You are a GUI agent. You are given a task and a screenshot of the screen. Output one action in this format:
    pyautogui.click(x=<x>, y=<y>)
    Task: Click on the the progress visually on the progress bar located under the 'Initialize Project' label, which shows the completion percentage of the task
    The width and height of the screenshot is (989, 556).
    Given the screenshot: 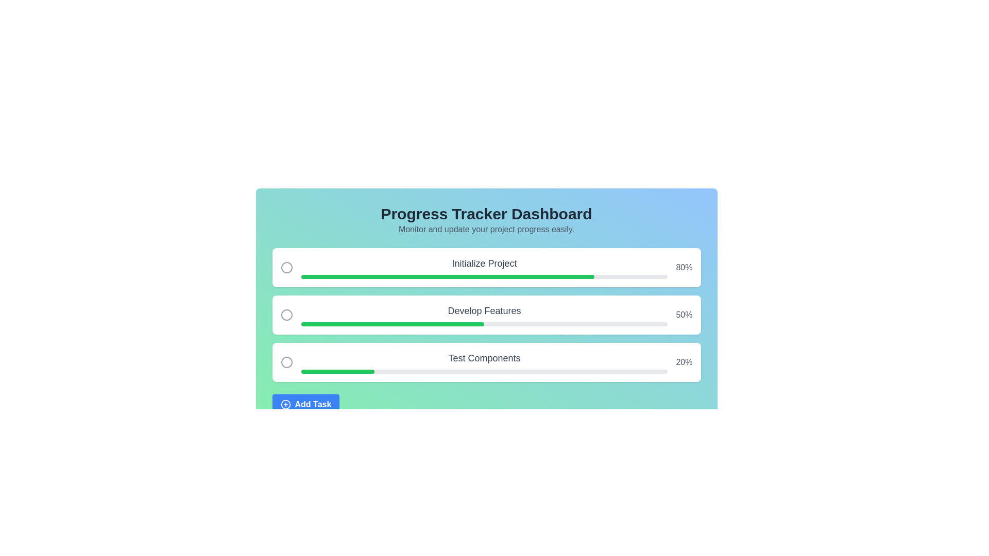 What is the action you would take?
    pyautogui.click(x=484, y=276)
    